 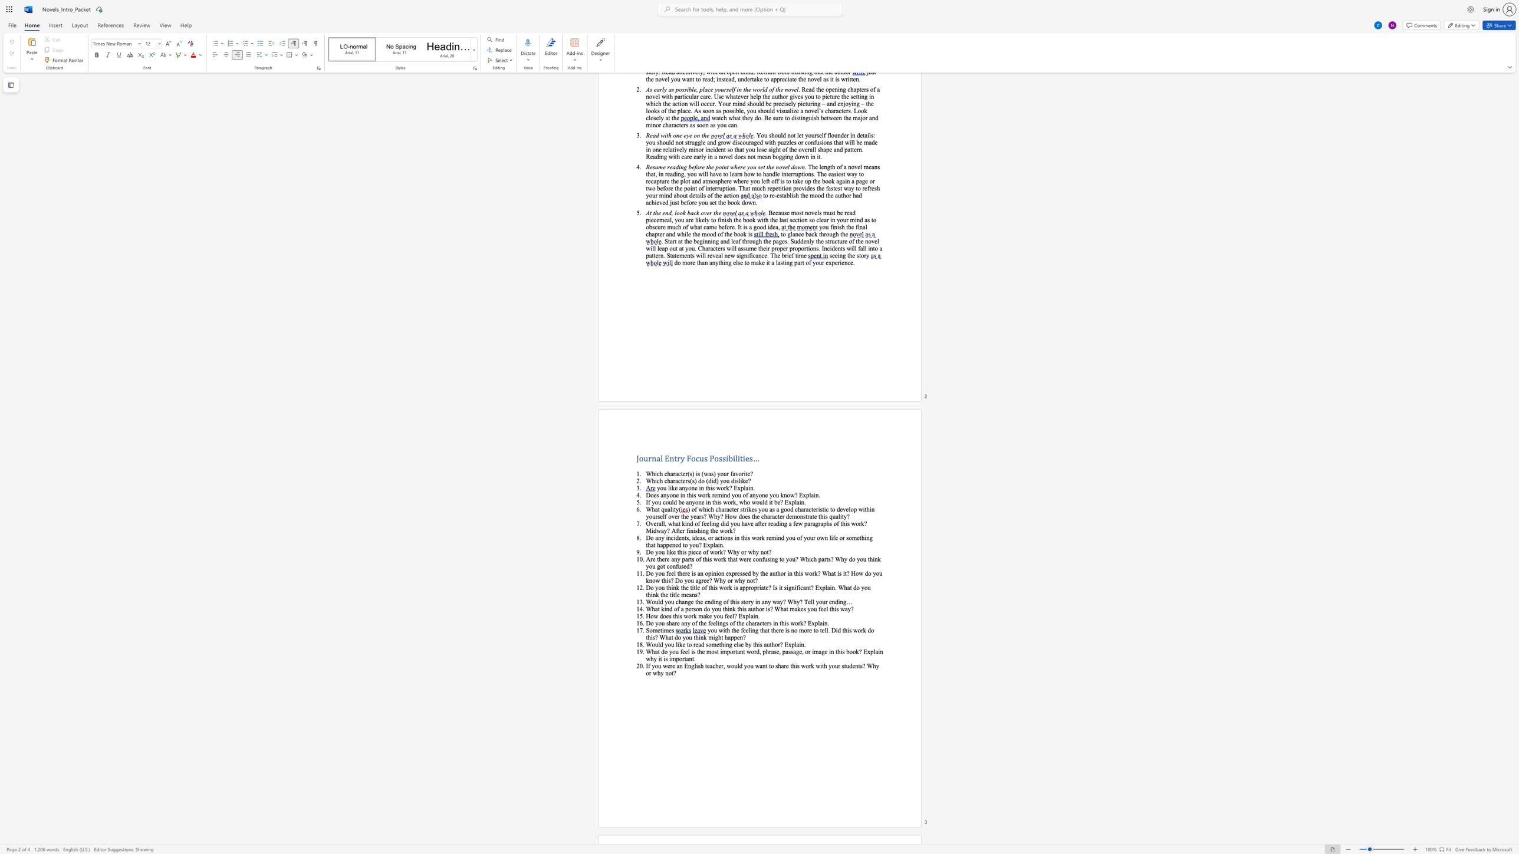 What do you see at coordinates (655, 665) in the screenshot?
I see `the subset text "ou were an English teacher, would you w" within the text "If you were an English teacher, would you want to share this work with your students? Why or why not?"` at bounding box center [655, 665].